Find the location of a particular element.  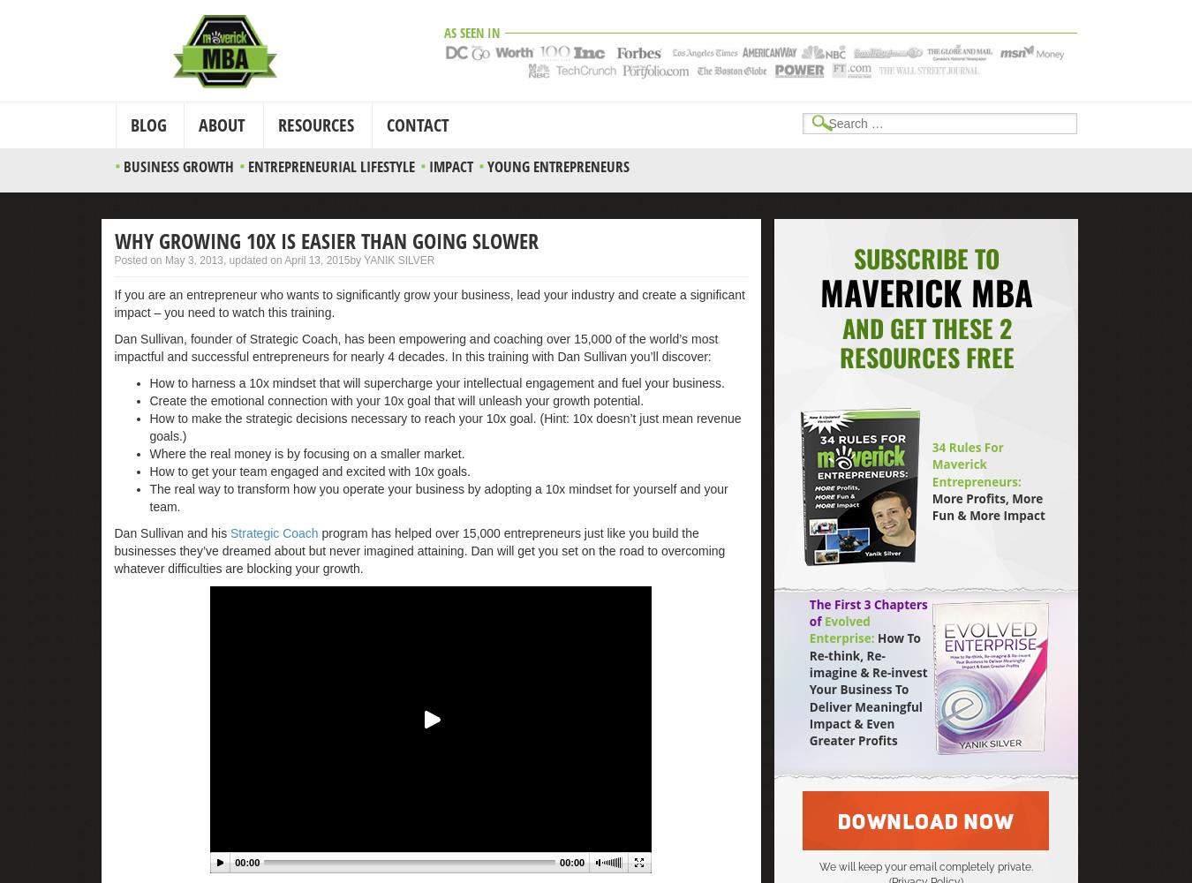

'Dan Sullivan, founder of Strategic Coach, has been empowering and coaching over 15,000 of the world’s most impactful and successful entrepreneurs for nearly 4 decades. In this training with Dan Sullivan you’ll discover:' is located at coordinates (114, 347).